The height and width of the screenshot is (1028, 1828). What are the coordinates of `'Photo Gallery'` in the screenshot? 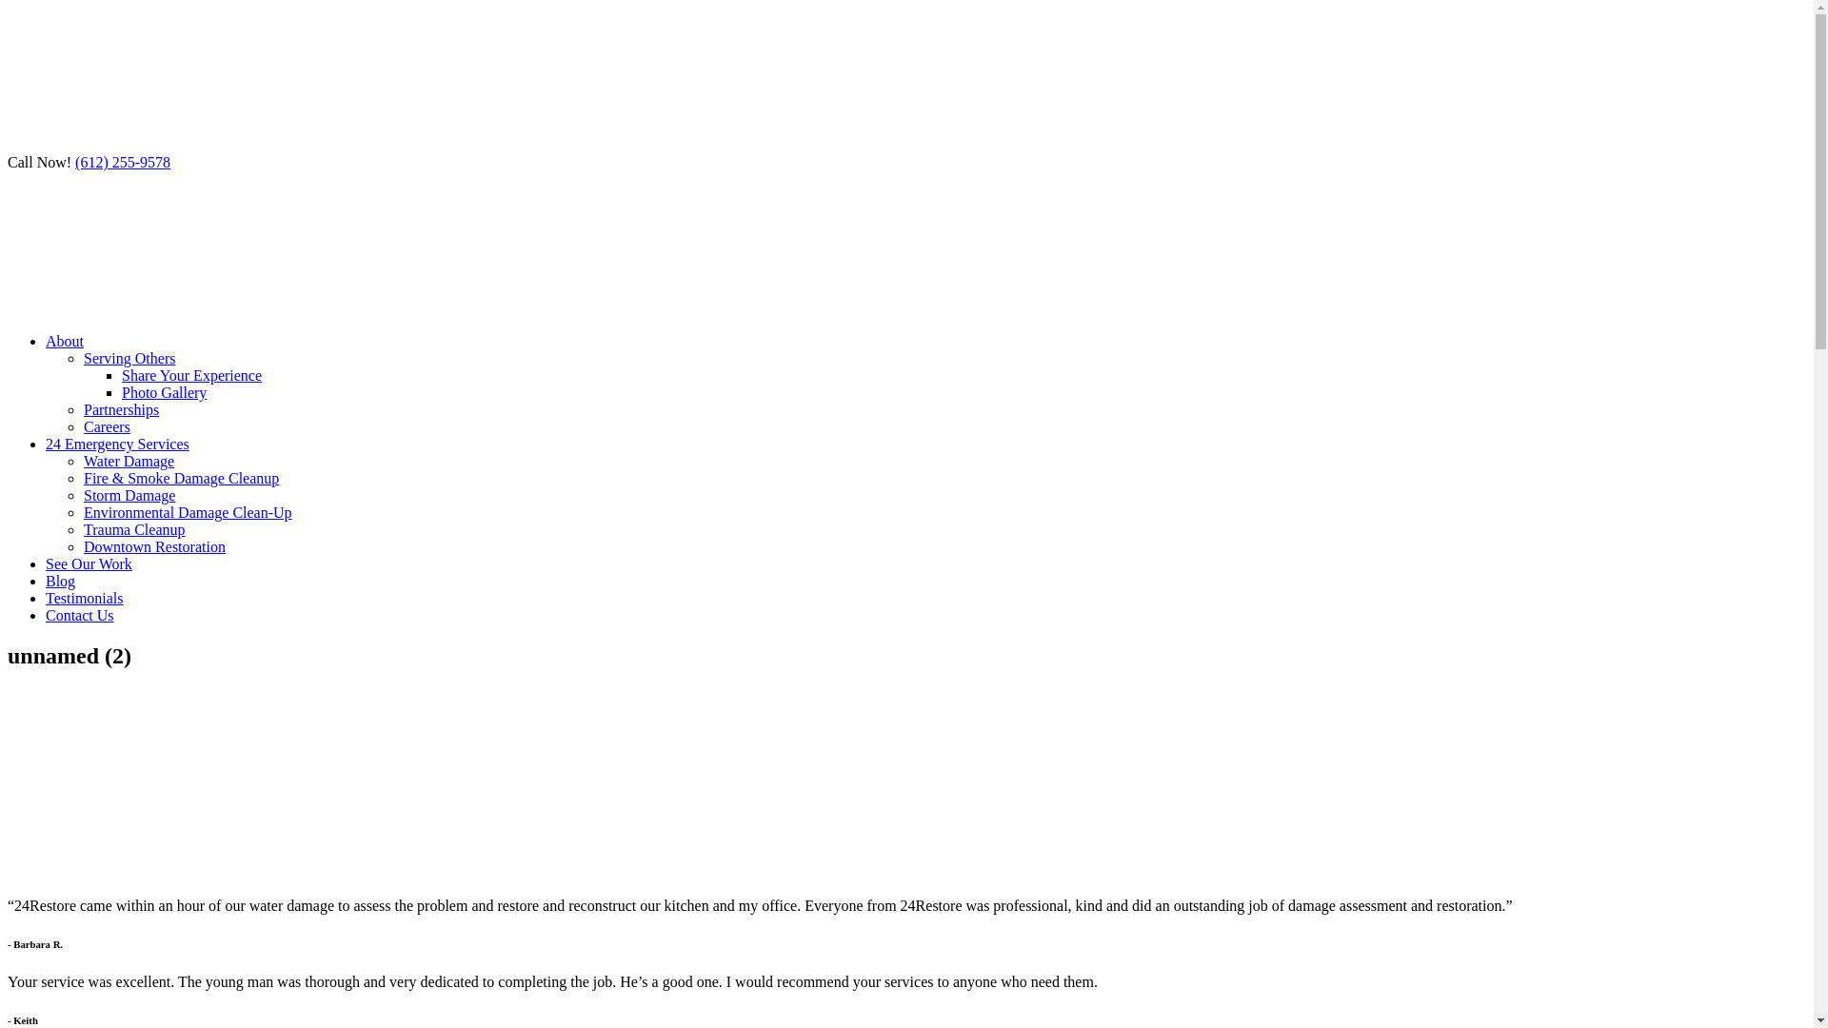 It's located at (164, 391).